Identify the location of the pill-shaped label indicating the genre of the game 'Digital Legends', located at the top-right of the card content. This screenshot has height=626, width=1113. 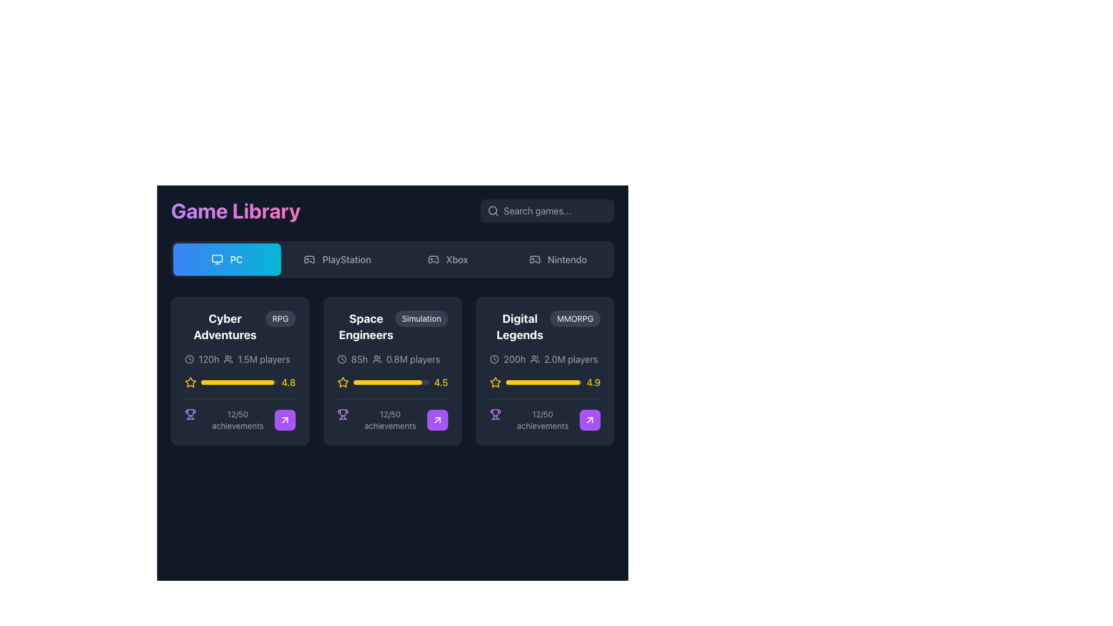
(575, 319).